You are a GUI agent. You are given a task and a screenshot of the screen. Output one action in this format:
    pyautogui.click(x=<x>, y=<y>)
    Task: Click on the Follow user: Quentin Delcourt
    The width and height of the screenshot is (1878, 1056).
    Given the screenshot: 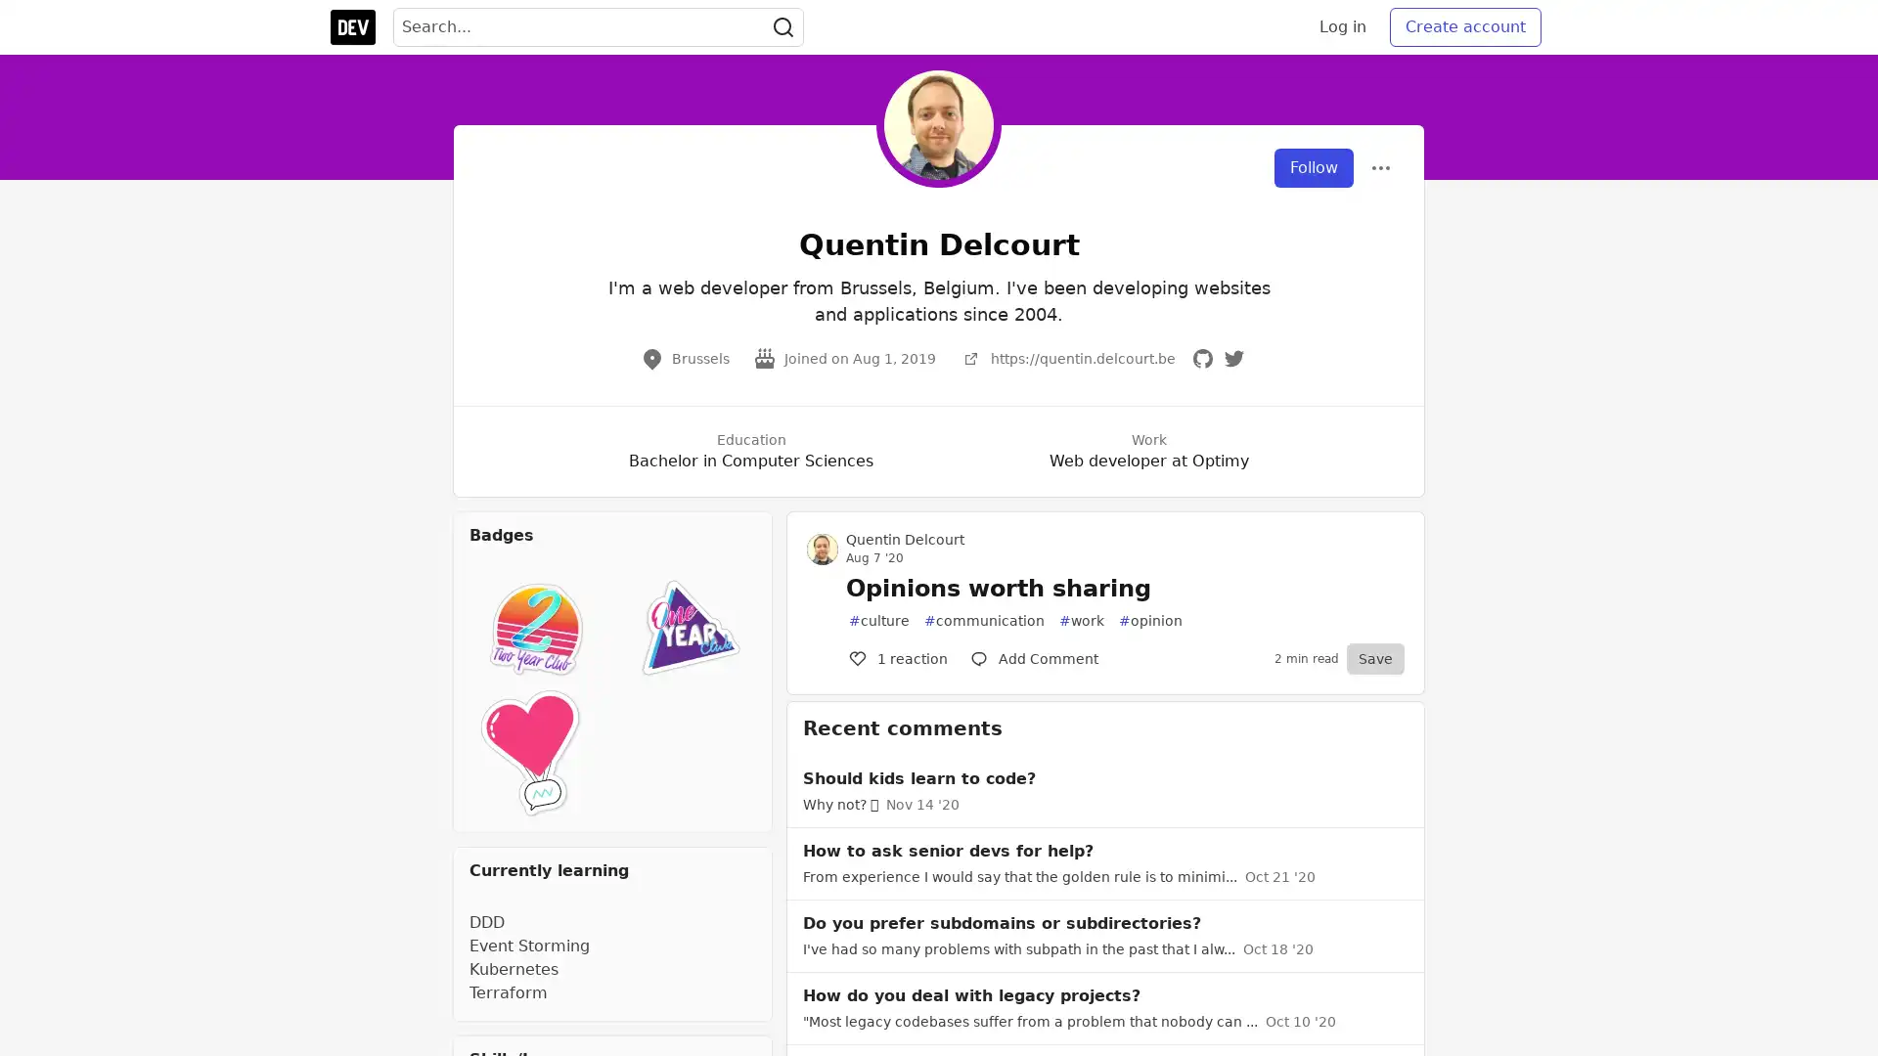 What is the action you would take?
    pyautogui.click(x=1314, y=167)
    